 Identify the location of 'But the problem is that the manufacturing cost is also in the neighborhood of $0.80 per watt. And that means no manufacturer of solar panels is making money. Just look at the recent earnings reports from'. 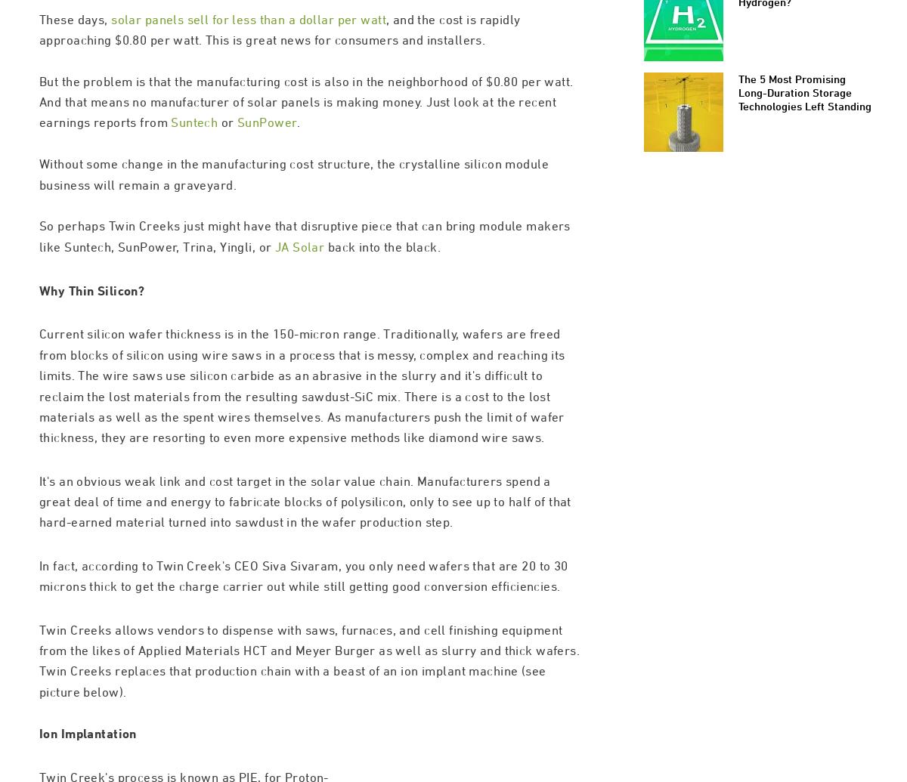
(39, 165).